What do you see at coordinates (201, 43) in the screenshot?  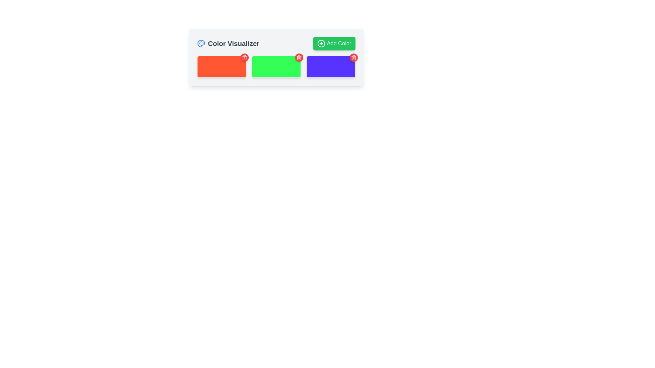 I see `the blue palette icon located to the immediate left of the 'Color Visualizer' text in the header section of the panel` at bounding box center [201, 43].